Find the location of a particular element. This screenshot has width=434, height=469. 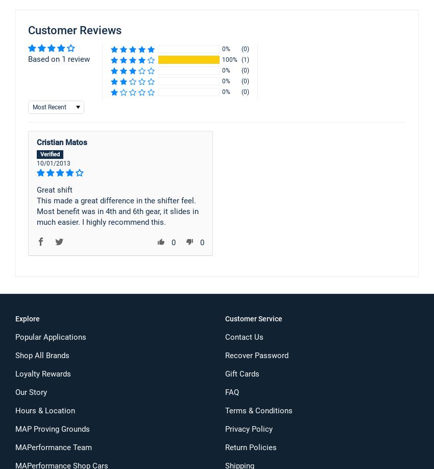

'FAQ' is located at coordinates (231, 392).